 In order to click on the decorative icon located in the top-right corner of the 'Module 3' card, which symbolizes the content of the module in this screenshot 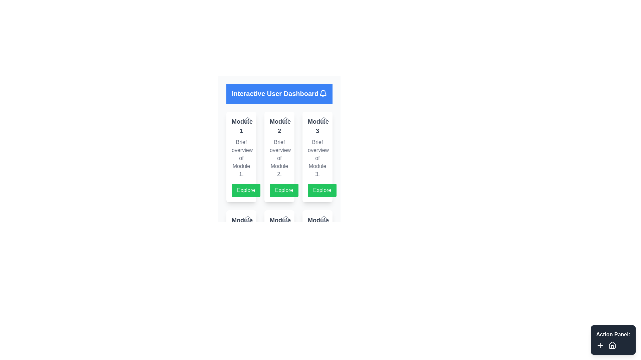, I will do `click(324, 119)`.